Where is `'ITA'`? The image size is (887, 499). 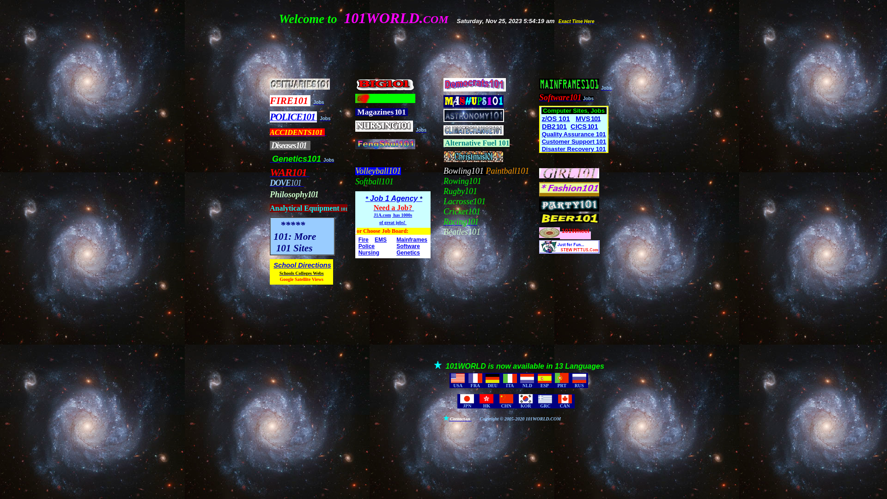
'ITA' is located at coordinates (505, 385).